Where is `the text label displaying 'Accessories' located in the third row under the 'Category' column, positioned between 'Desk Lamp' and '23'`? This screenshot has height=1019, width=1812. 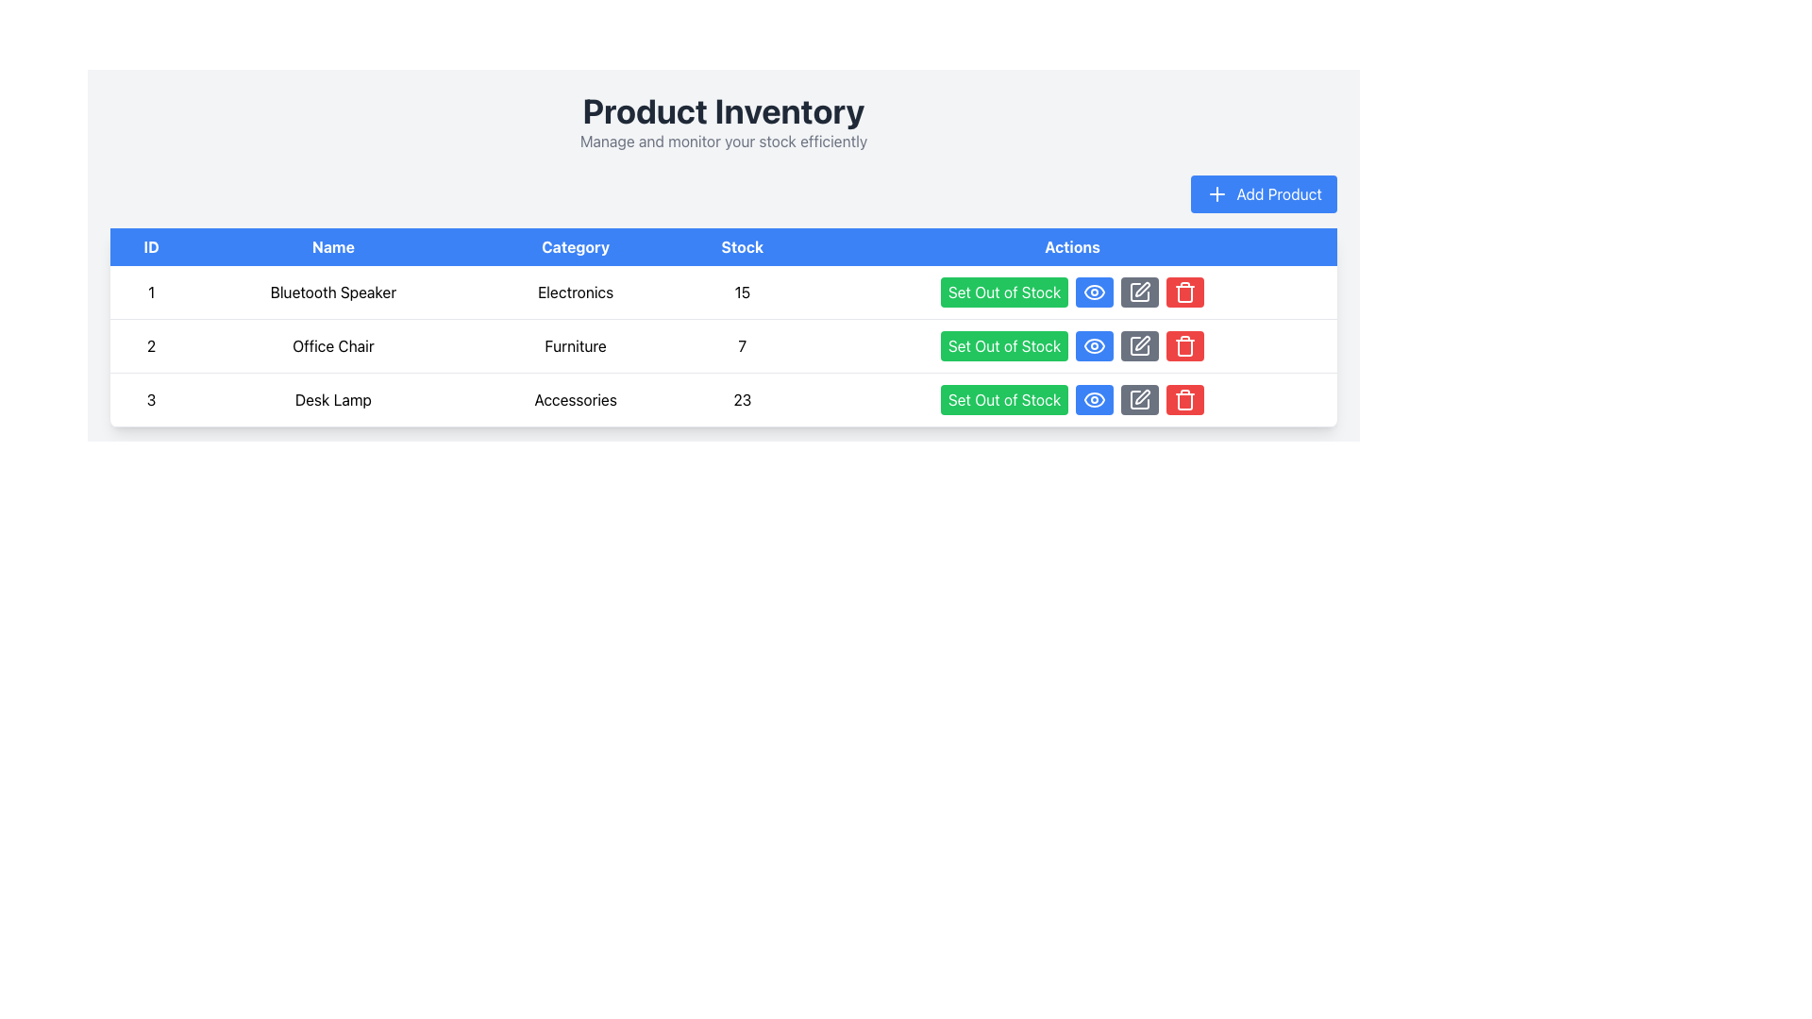 the text label displaying 'Accessories' located in the third row under the 'Category' column, positioned between 'Desk Lamp' and '23' is located at coordinates (575, 399).